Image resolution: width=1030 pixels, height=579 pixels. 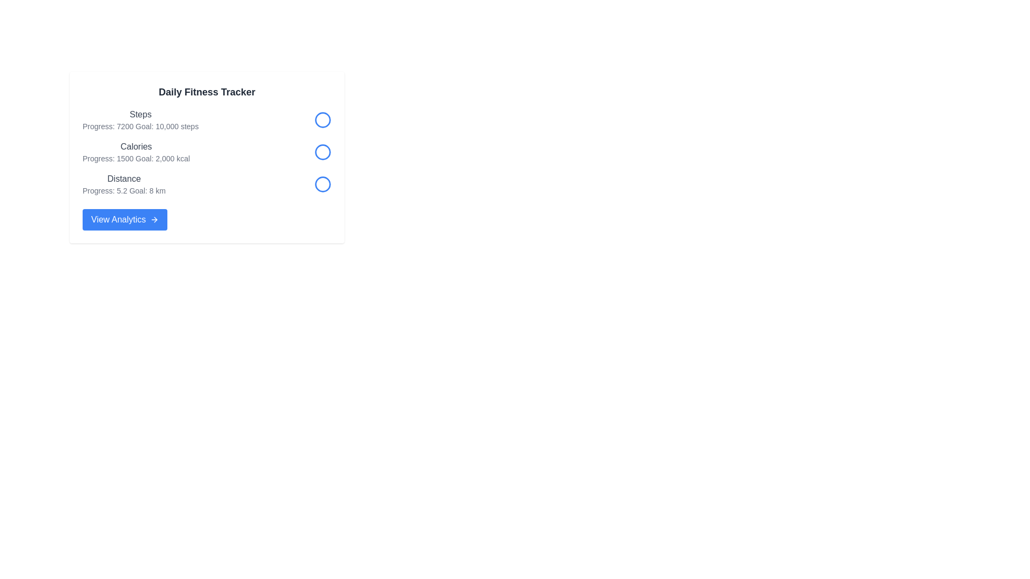 What do you see at coordinates (124, 183) in the screenshot?
I see `the informational text element displaying 'Distance' and 'Progress: 5.2 Goal: 8 km' in the Daily Fitness Tracker panel` at bounding box center [124, 183].